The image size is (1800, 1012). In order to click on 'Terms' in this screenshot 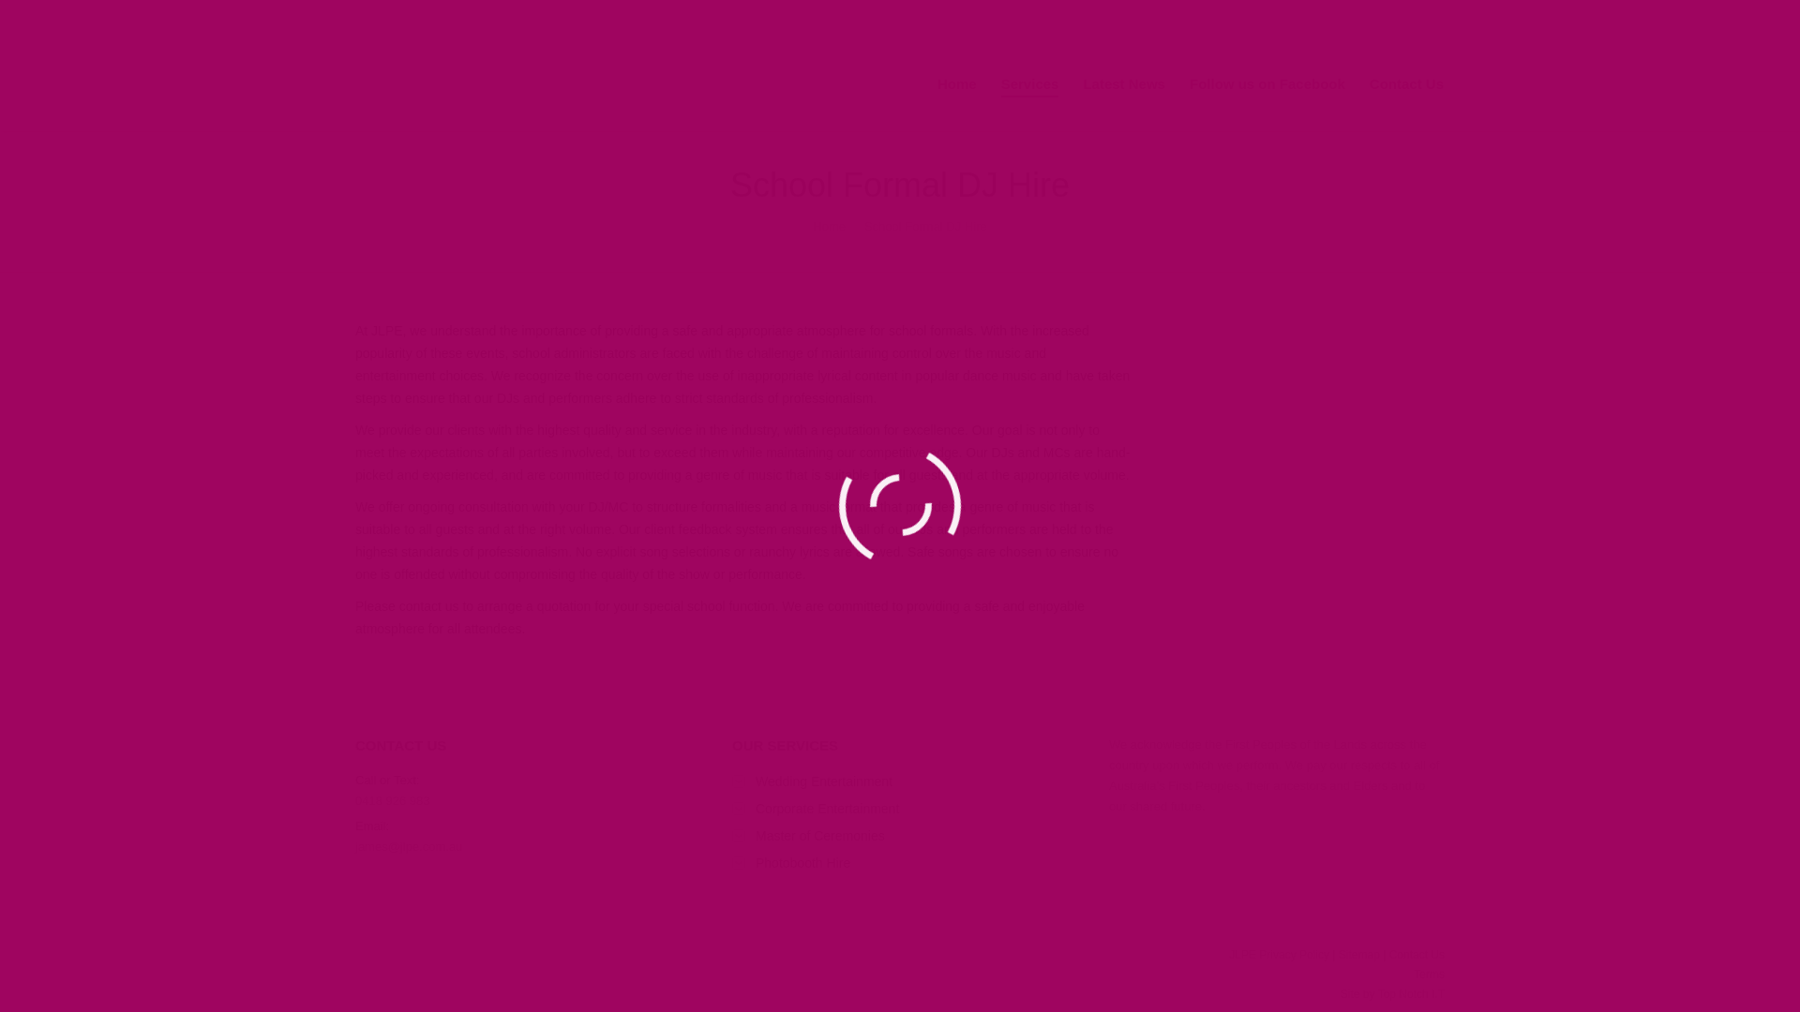, I will do `click(1428, 974)`.